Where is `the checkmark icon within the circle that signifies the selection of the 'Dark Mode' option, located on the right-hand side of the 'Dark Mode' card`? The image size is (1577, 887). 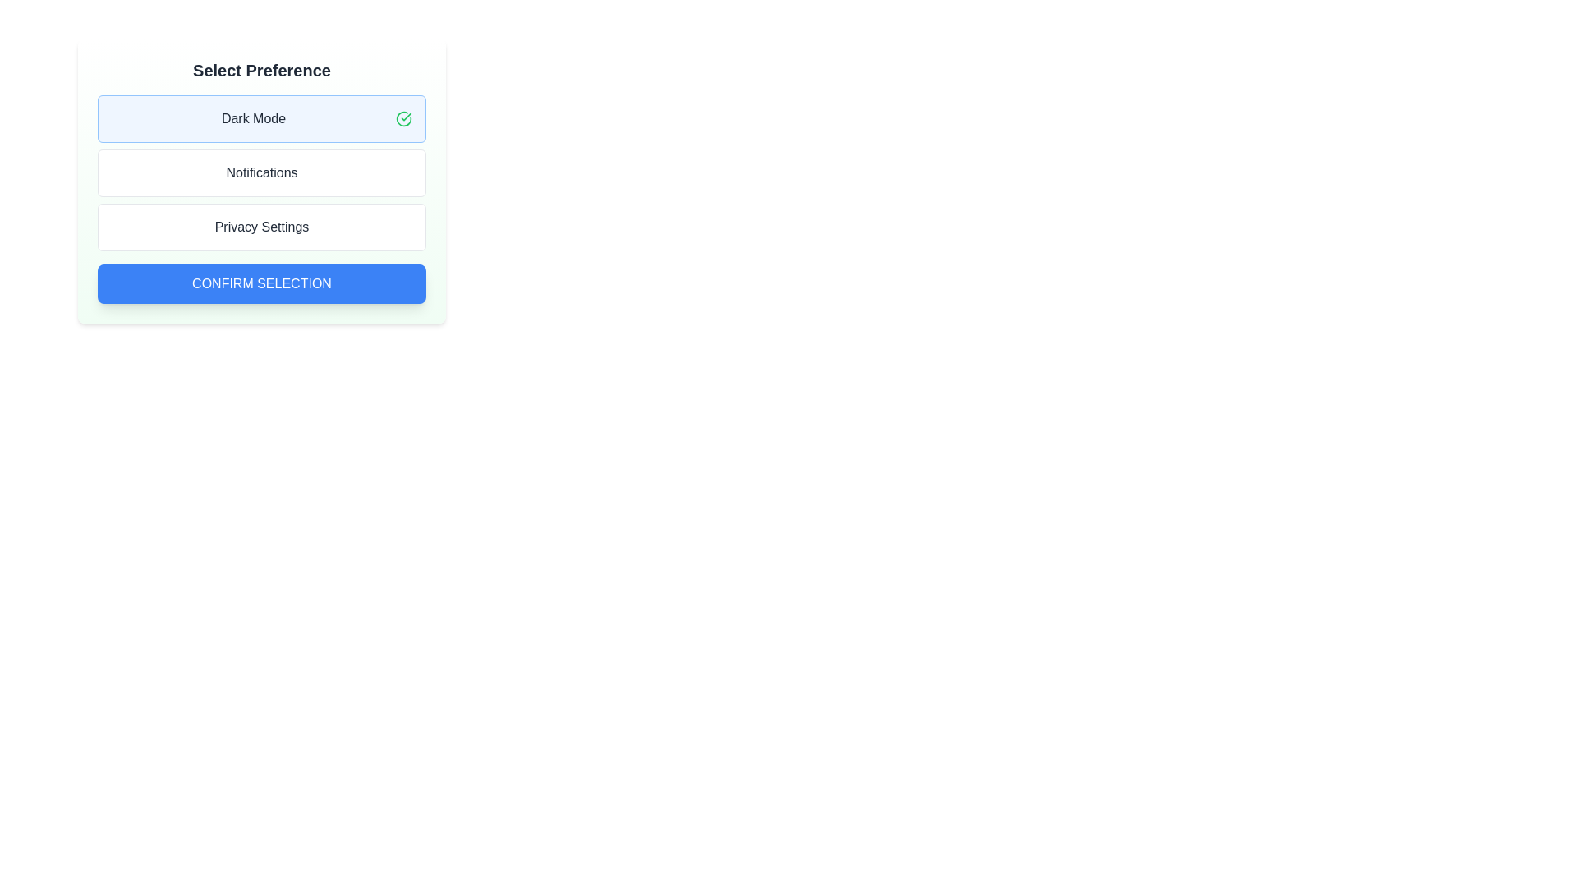 the checkmark icon within the circle that signifies the selection of the 'Dark Mode' option, located on the right-hand side of the 'Dark Mode' card is located at coordinates (403, 118).